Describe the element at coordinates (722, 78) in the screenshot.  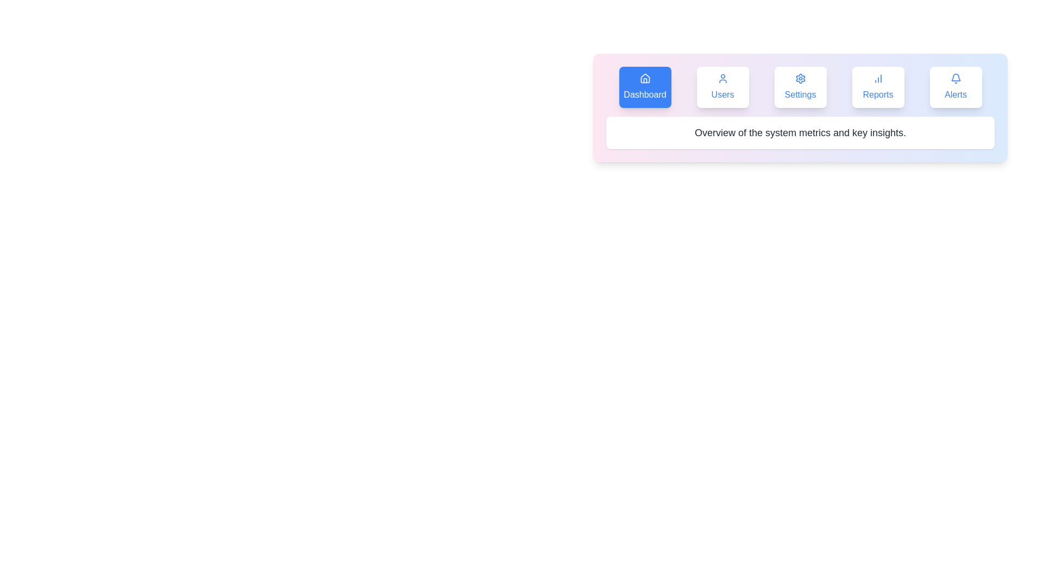
I see `the user icon located within the 'Users' button on the navigation bar` at that location.